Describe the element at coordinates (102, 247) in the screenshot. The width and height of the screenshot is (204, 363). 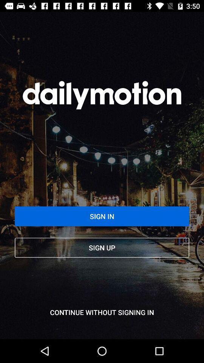
I see `sign up` at that location.